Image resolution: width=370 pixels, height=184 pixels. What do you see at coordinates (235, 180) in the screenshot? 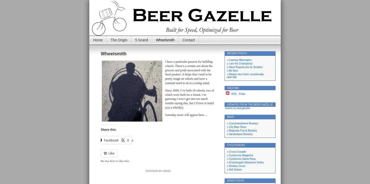
I see `'good folks'` at bounding box center [235, 180].